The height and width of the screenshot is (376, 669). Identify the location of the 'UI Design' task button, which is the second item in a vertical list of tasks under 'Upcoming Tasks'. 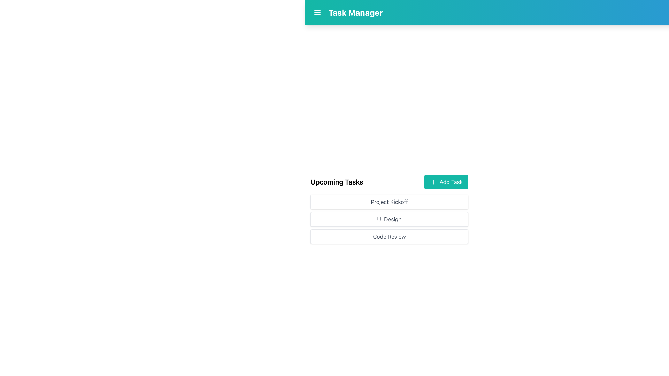
(389, 219).